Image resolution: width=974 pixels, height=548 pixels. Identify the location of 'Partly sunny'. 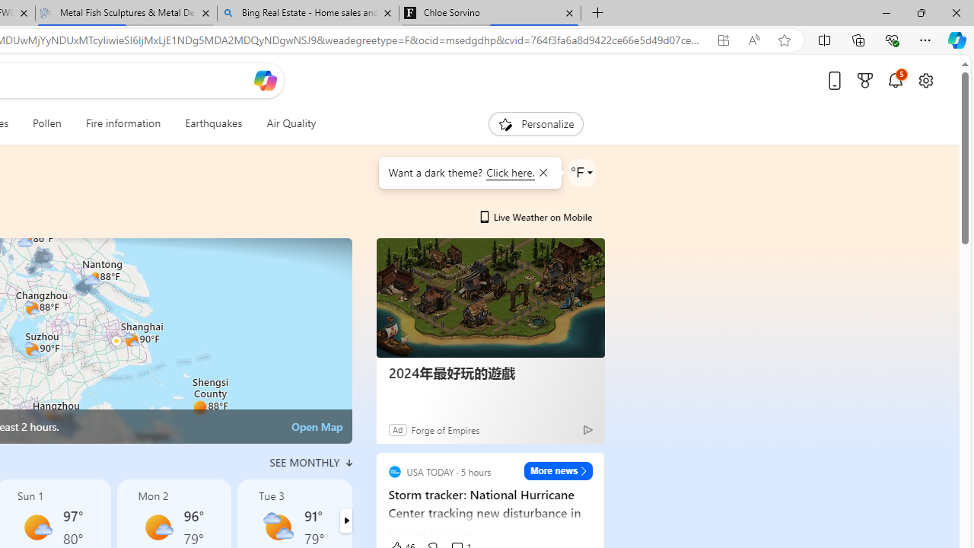
(279, 527).